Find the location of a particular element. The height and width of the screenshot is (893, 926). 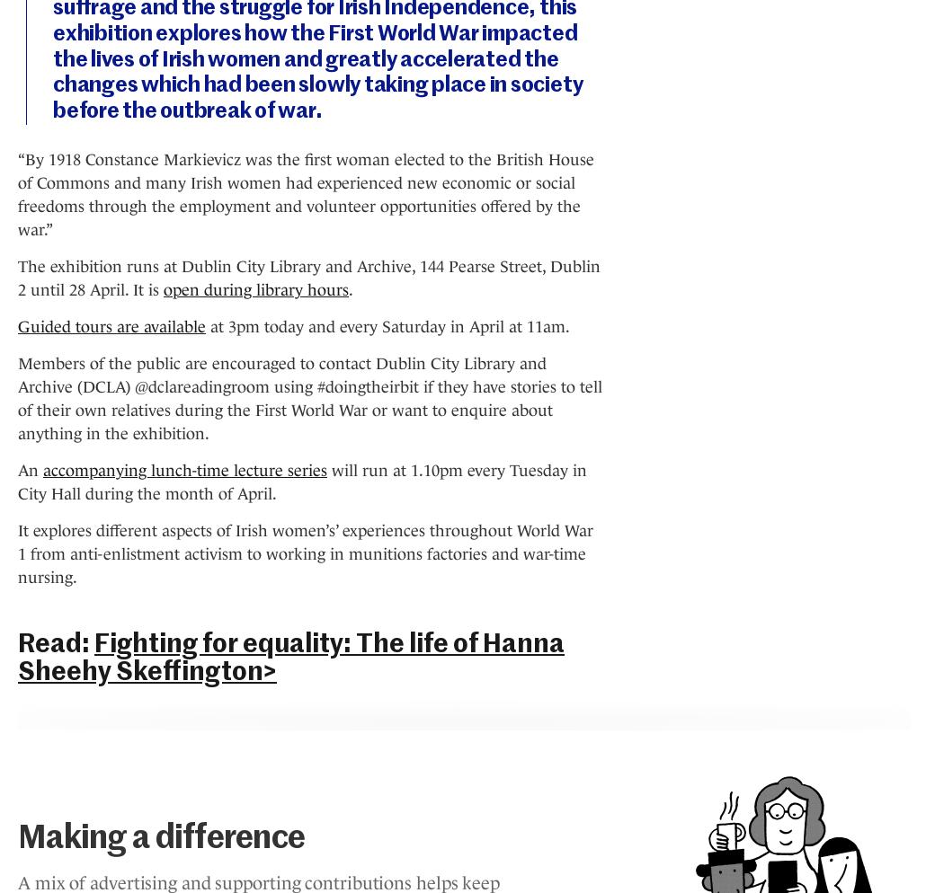

'An' is located at coordinates (30, 470).